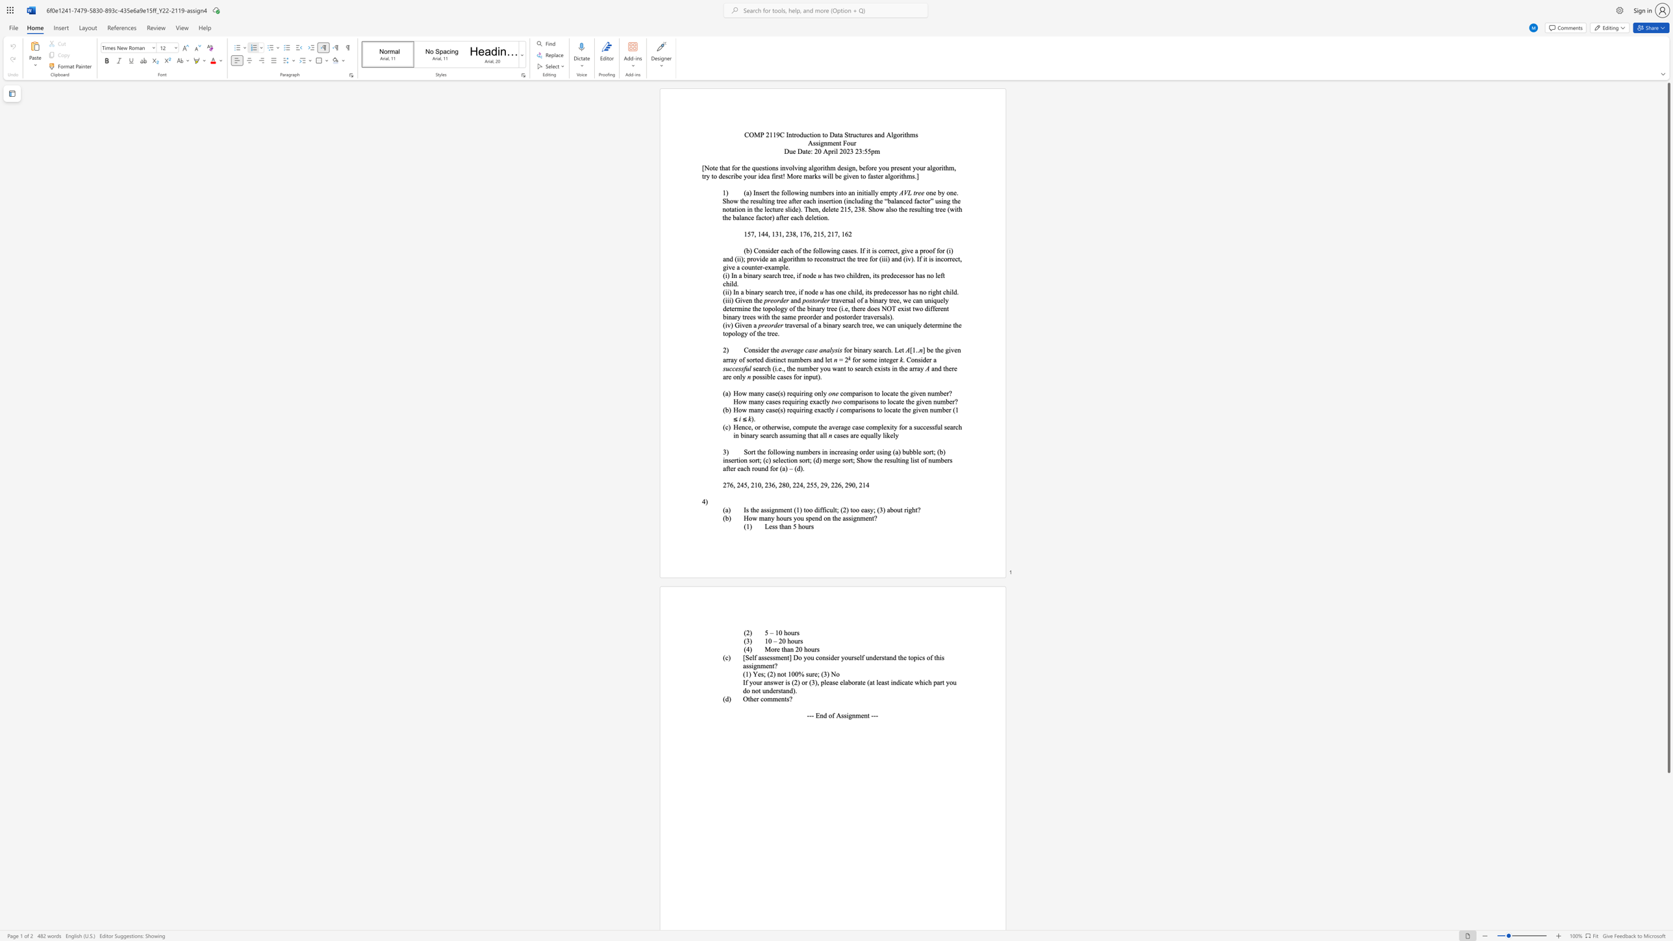 The image size is (1673, 941). I want to click on the 1th character "q" in the text, so click(865, 435).